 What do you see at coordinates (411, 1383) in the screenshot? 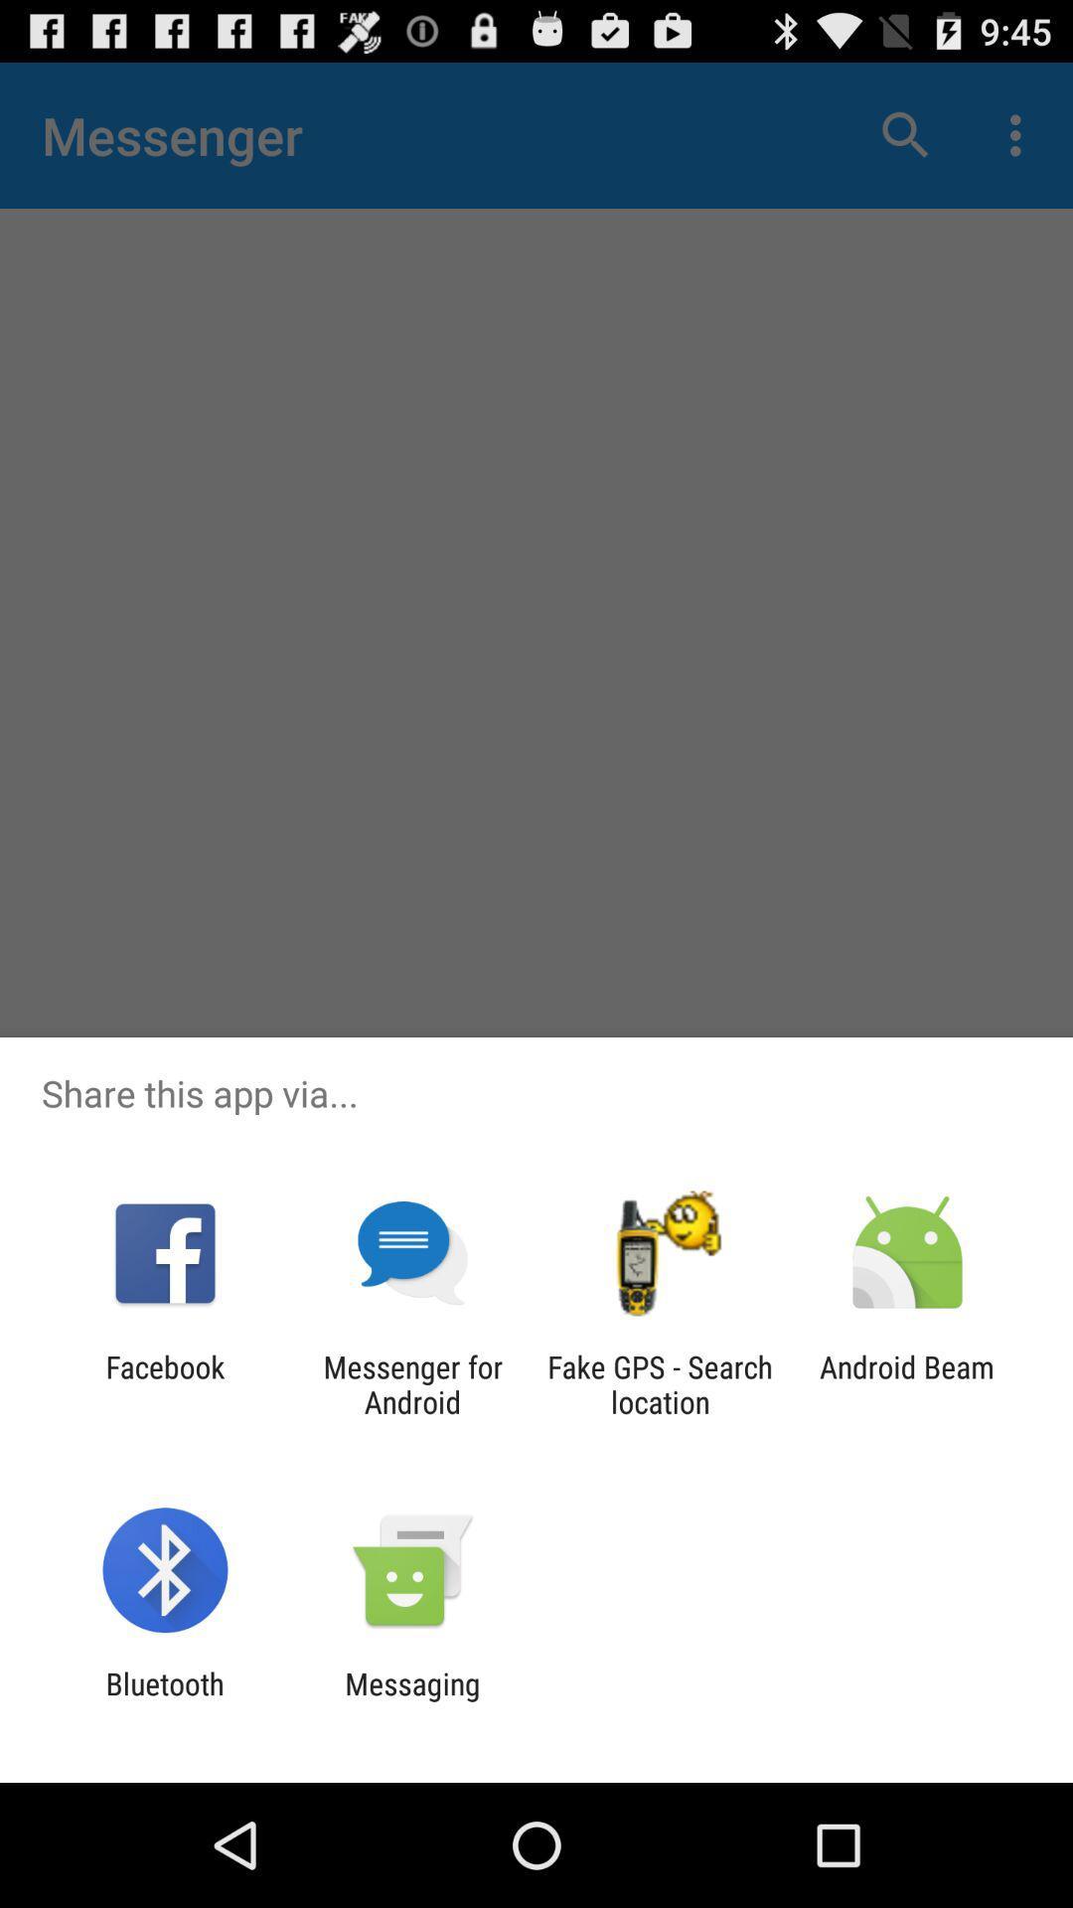
I see `icon next to facebook` at bounding box center [411, 1383].